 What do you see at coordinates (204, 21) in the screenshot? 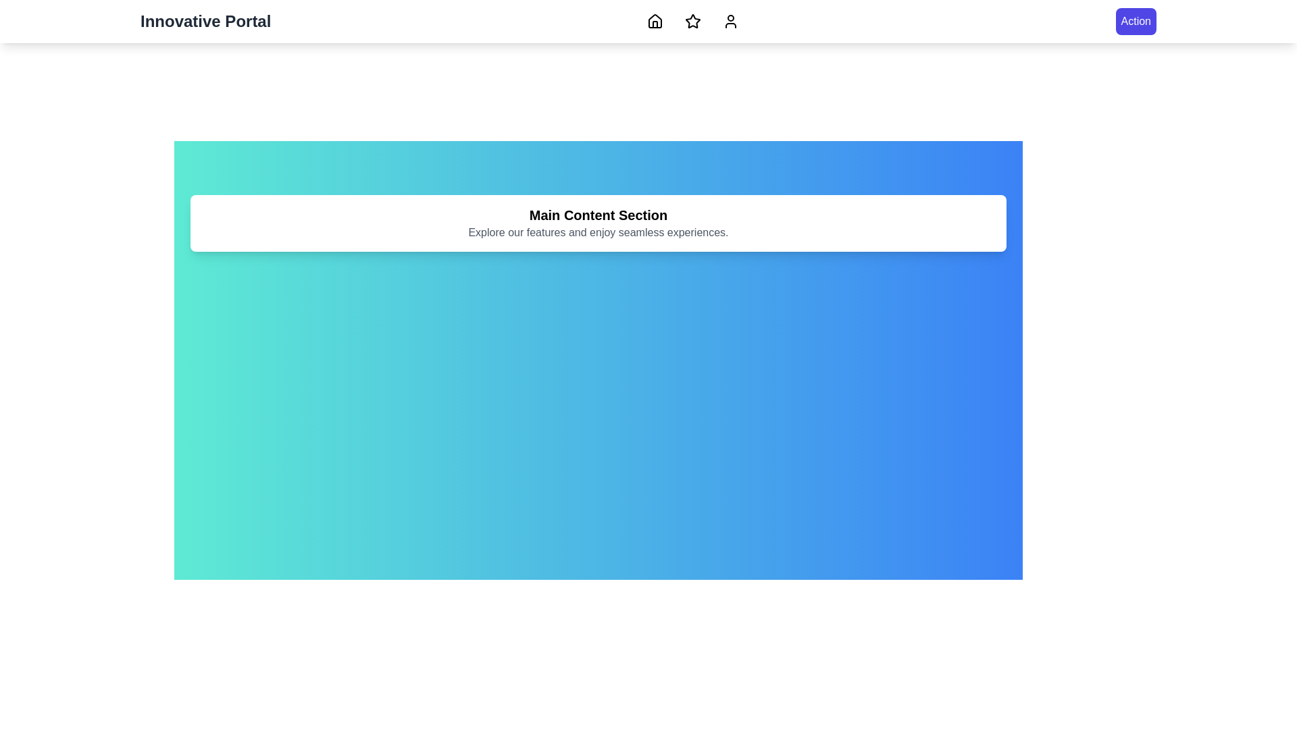
I see `the title text 'Innovative Portal'` at bounding box center [204, 21].